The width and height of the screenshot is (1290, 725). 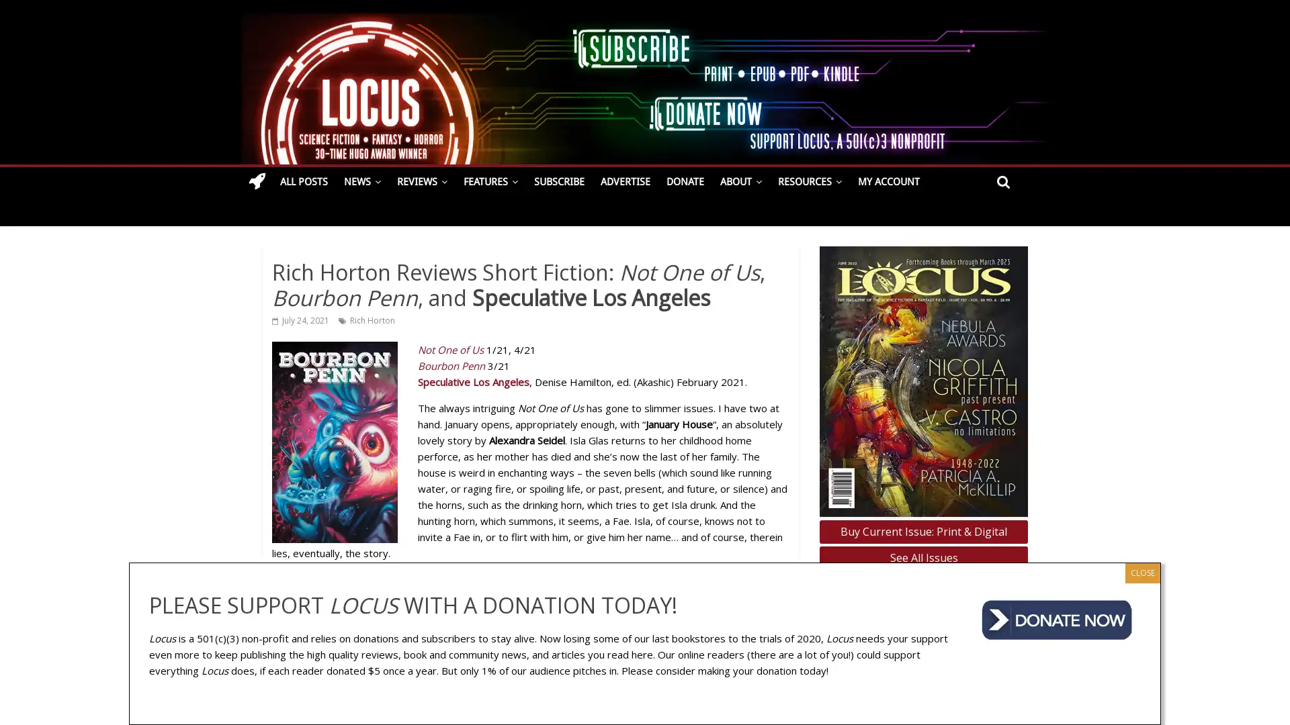 What do you see at coordinates (922, 558) in the screenshot?
I see `See All Issues` at bounding box center [922, 558].